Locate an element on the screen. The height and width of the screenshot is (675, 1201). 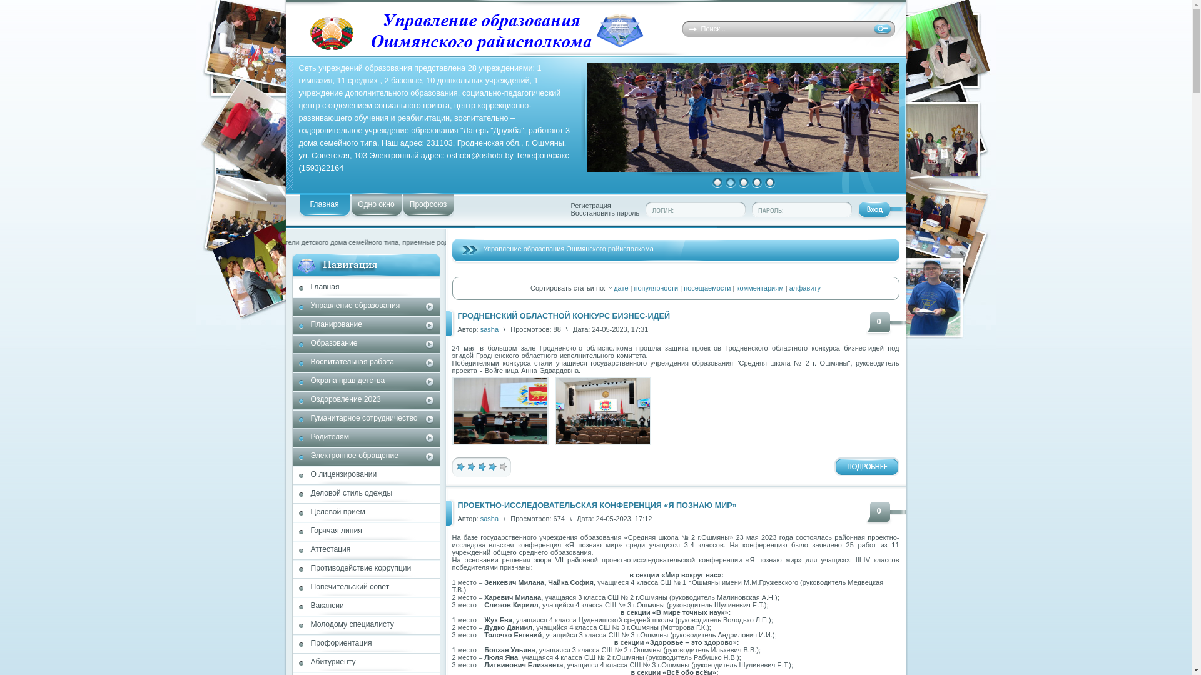
'5' is located at coordinates (769, 182).